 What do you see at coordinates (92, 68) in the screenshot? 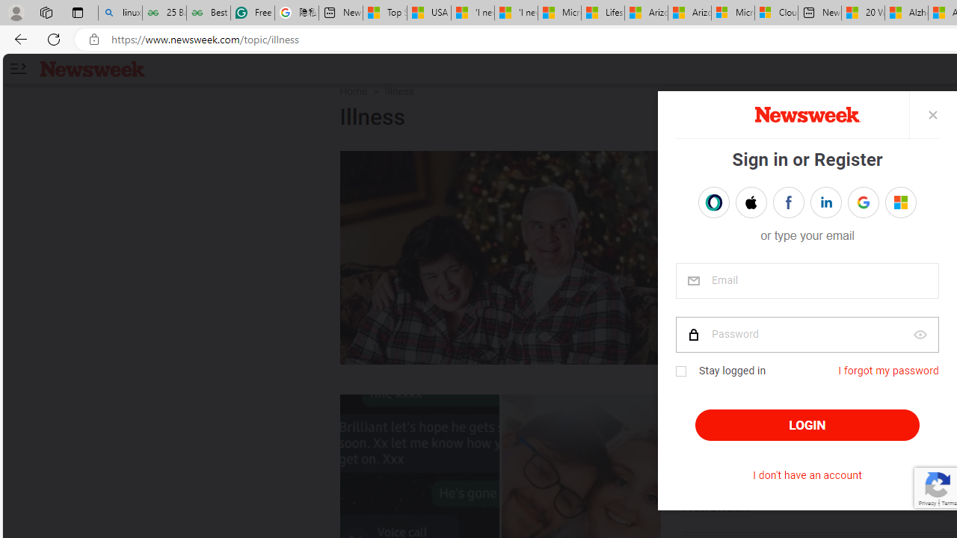
I see `'Newsweek logo'` at bounding box center [92, 68].